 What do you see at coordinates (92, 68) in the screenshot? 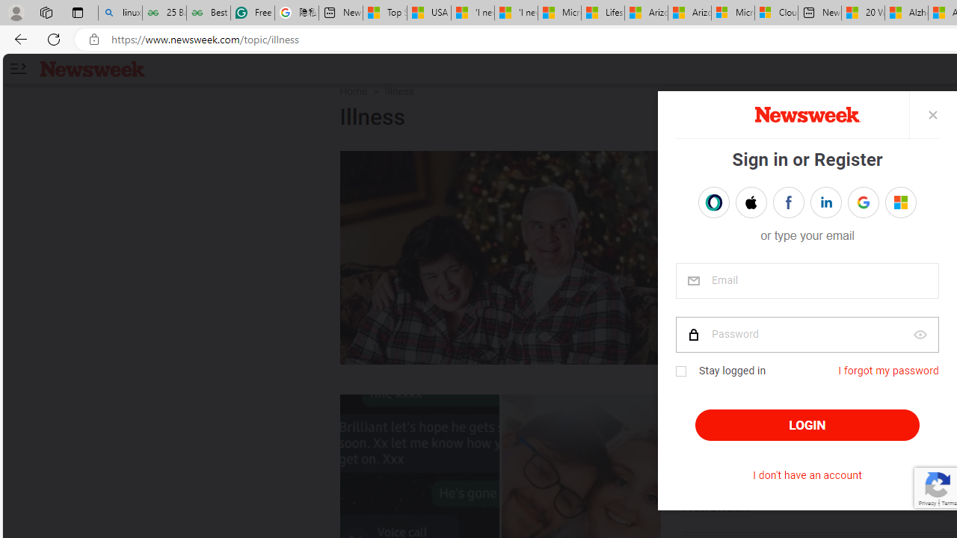
I see `'Newsweek logo'` at bounding box center [92, 68].